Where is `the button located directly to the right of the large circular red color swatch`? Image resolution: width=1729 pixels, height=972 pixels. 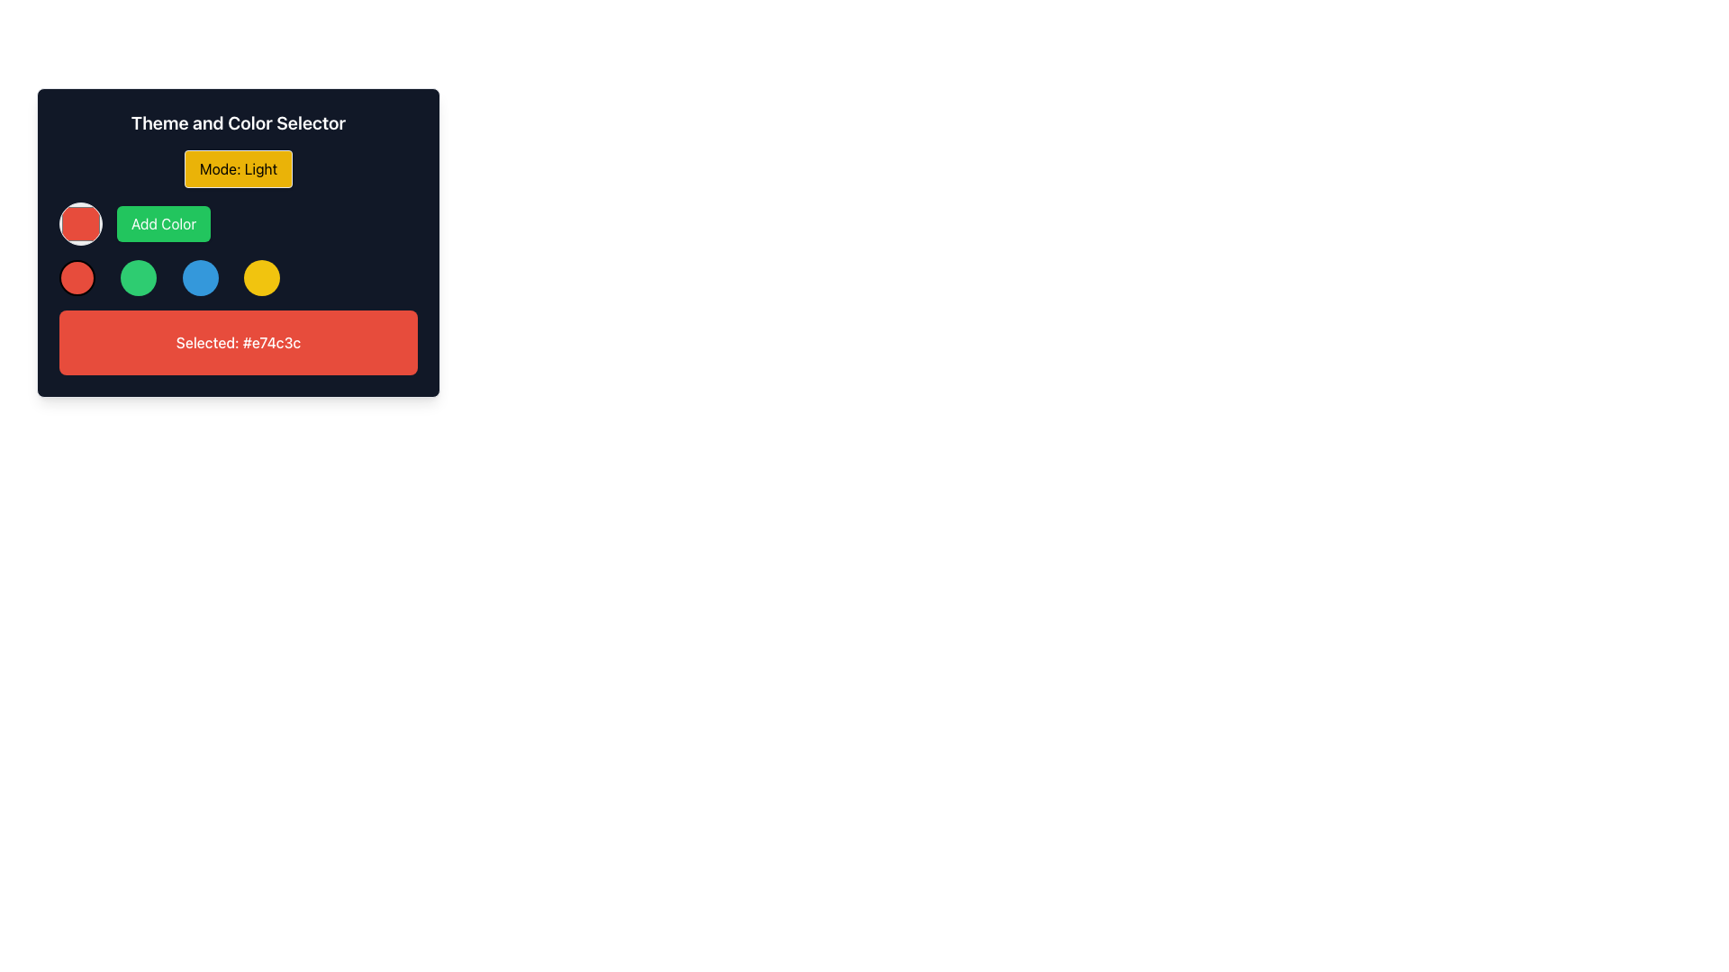
the button located directly to the right of the large circular red color swatch is located at coordinates (164, 223).